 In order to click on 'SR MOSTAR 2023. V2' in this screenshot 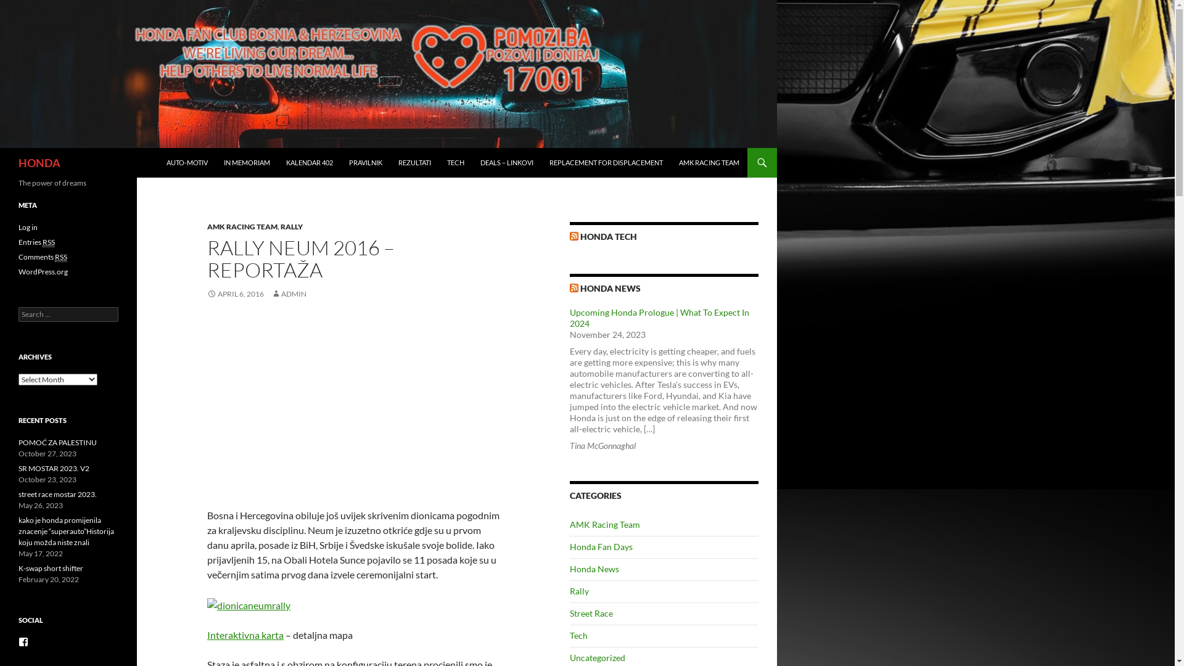, I will do `click(18, 468)`.